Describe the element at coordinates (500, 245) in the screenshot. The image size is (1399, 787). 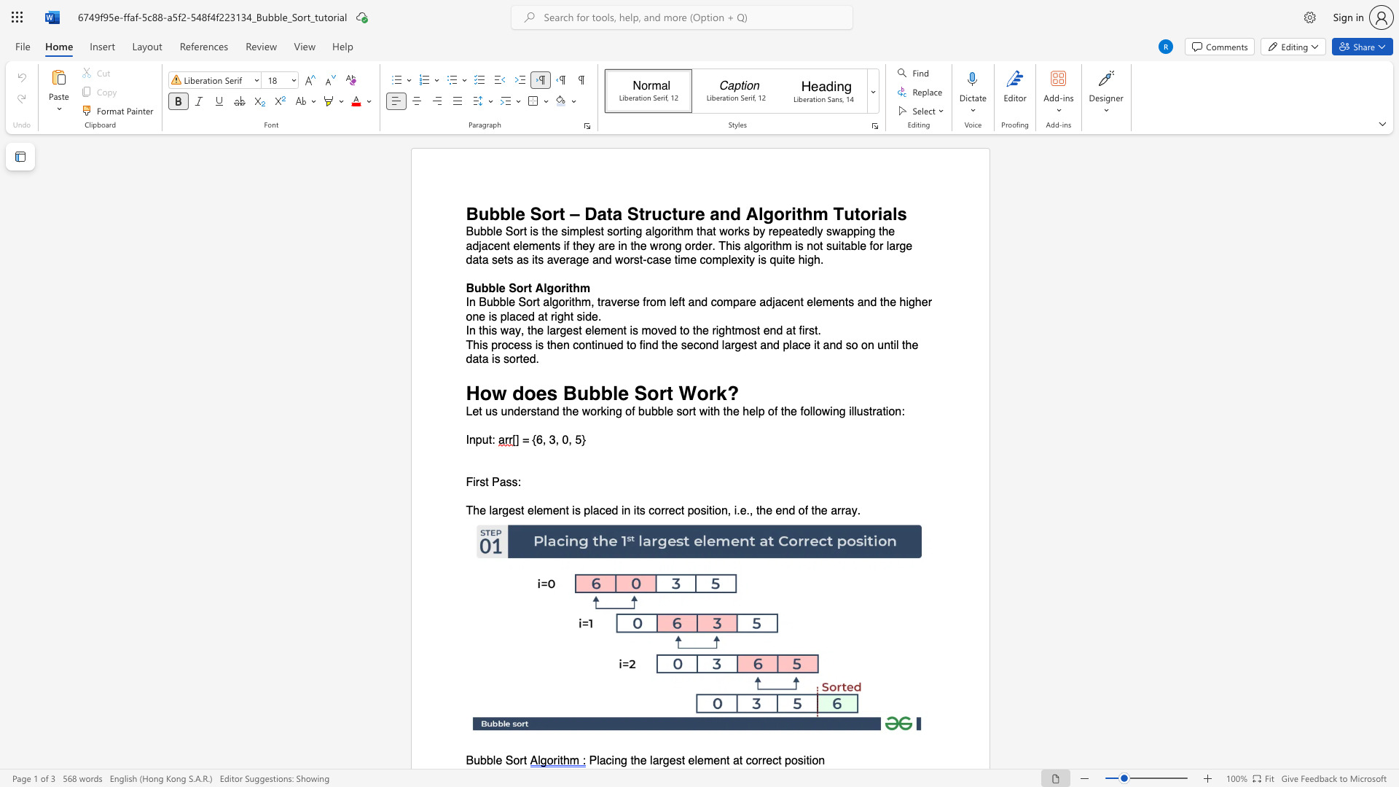
I see `the subset text "nt elements if they are in the wrong order. This algorithm is not suitable for large dat" within the text "Bubble Sort is the simplest sorting algorithm that works by repeatedly swapping the adjacent elements if they are in the wrong order. This algorithm is not suitable for large data sets as its average and worst-case time complexity is quite high."` at that location.